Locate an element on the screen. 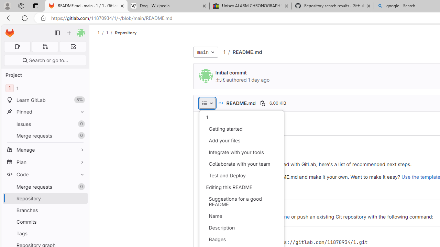  'Copy file path' is located at coordinates (262, 103).